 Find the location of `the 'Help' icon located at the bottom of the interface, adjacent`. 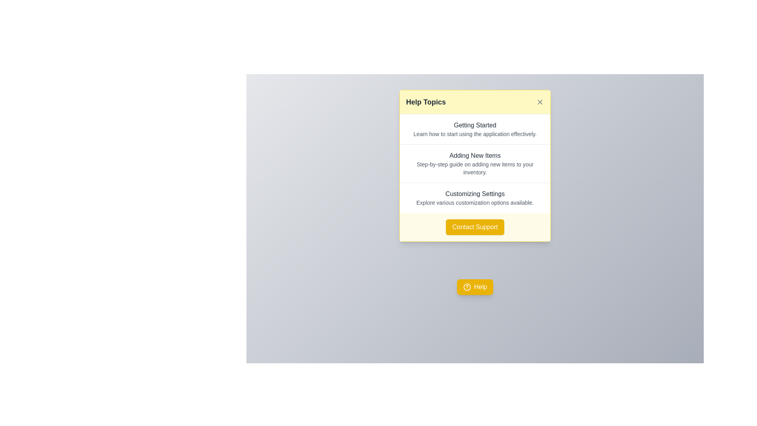

the 'Help' icon located at the bottom of the interface, adjacent is located at coordinates (467, 287).